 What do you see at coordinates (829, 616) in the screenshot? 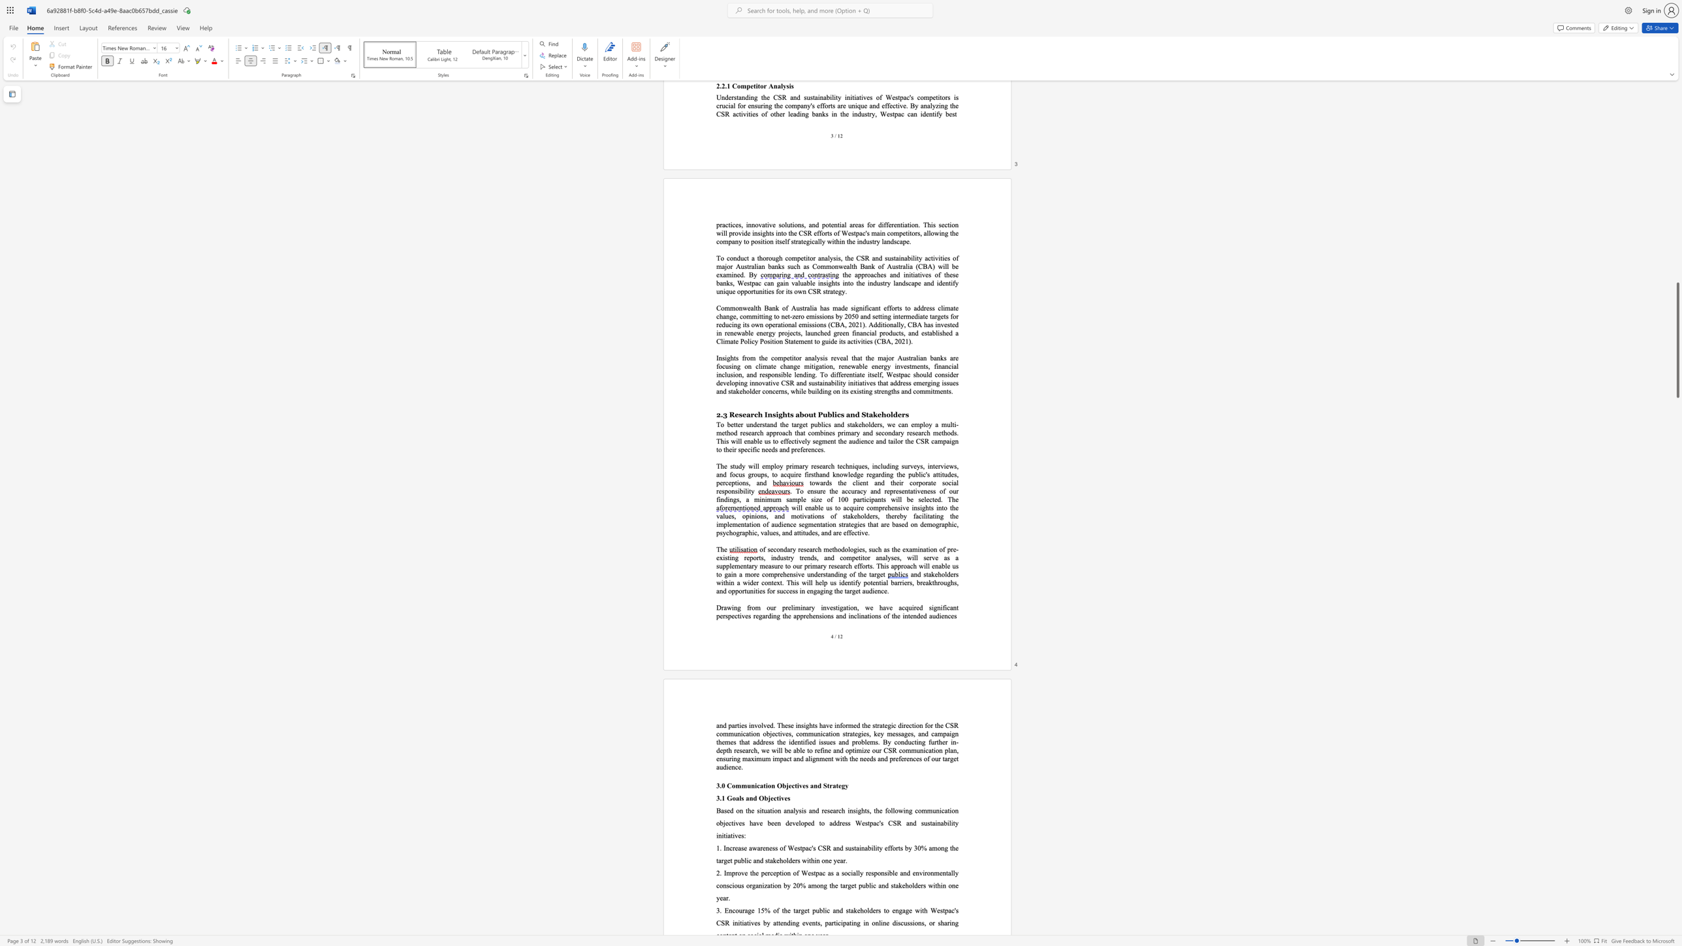
I see `the 2th character "n" in the text` at bounding box center [829, 616].